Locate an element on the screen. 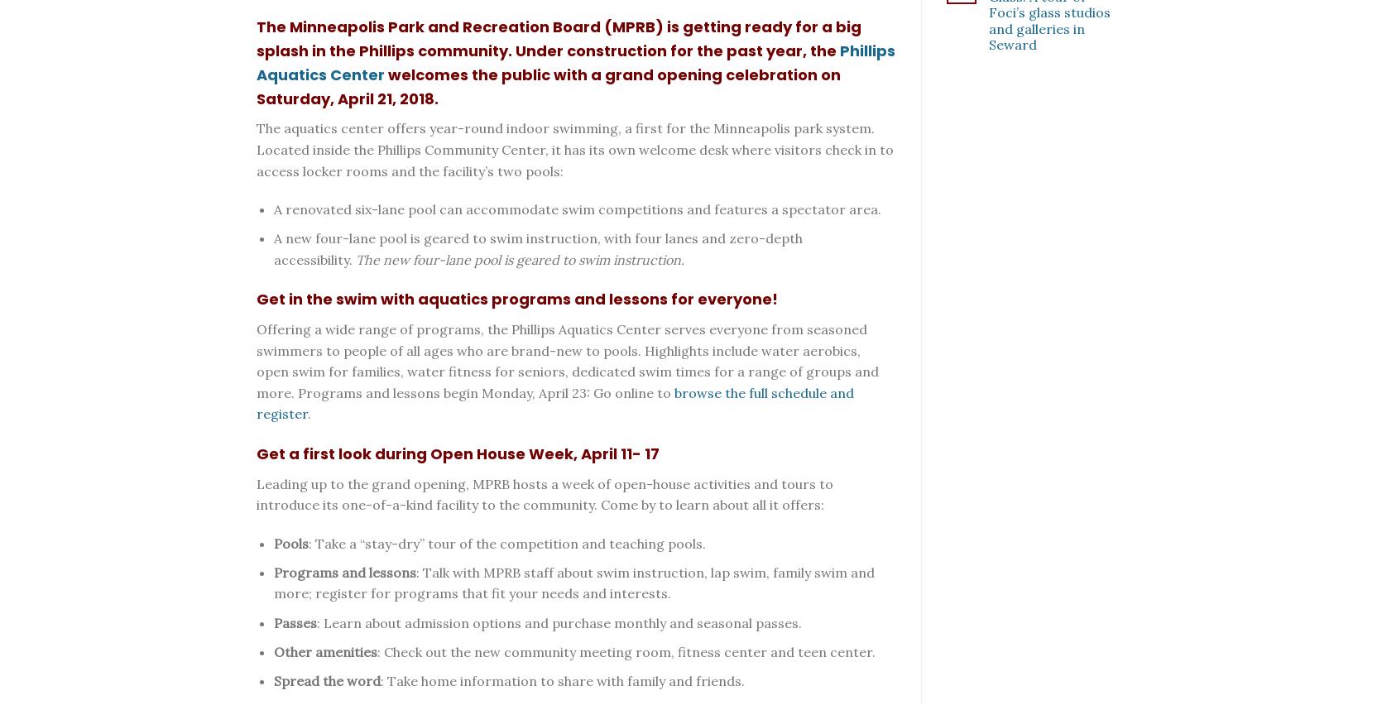 Image resolution: width=1382 pixels, height=705 pixels. 'welcomes the public with a grand opening celebration on Saturday, April 21, 2018.' is located at coordinates (547, 85).